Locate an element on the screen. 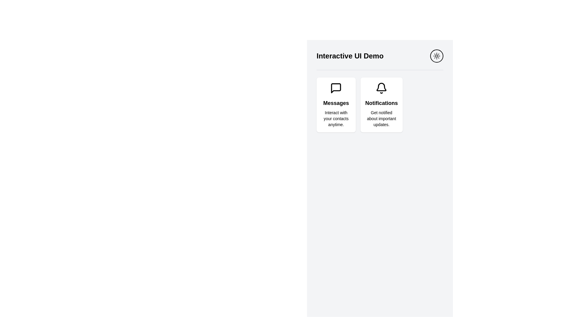 The image size is (574, 322). the text label that provides additional informative details related to the 'Notifications' feature, located below the bold title 'Notifications' in the rightmost card of a horizontally aligned group of two cards is located at coordinates (381, 118).